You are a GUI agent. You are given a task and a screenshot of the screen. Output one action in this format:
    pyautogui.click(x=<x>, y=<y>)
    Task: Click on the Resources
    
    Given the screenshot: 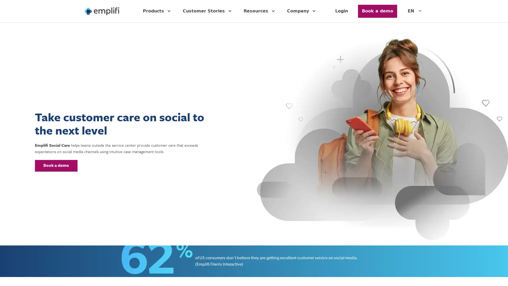 What is the action you would take?
    pyautogui.click(x=260, y=11)
    